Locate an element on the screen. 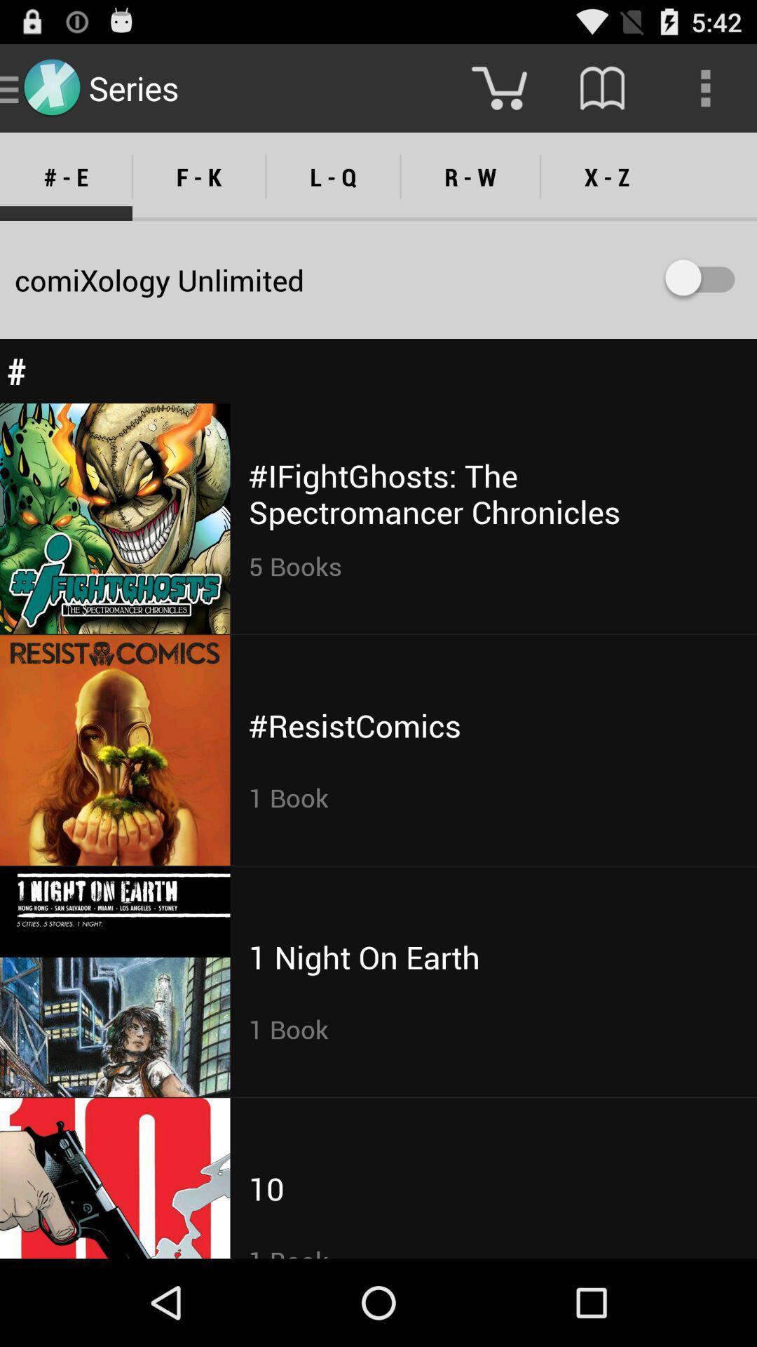  item above the 1 book is located at coordinates (363, 956).